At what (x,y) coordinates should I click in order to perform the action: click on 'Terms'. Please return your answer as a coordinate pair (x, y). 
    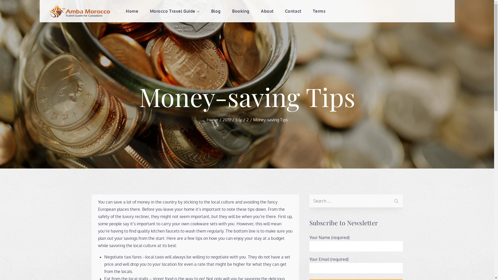
    Looking at the image, I should click on (319, 11).